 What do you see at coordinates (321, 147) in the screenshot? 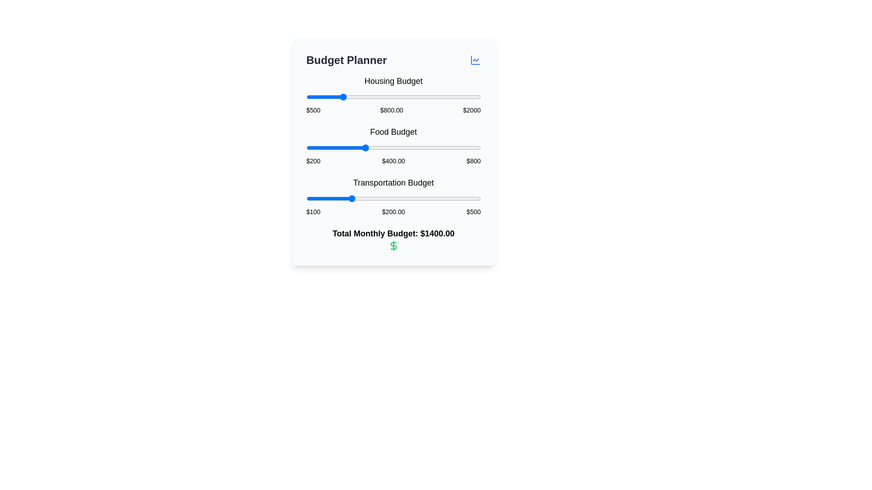
I see `the Food Budget slider value` at bounding box center [321, 147].